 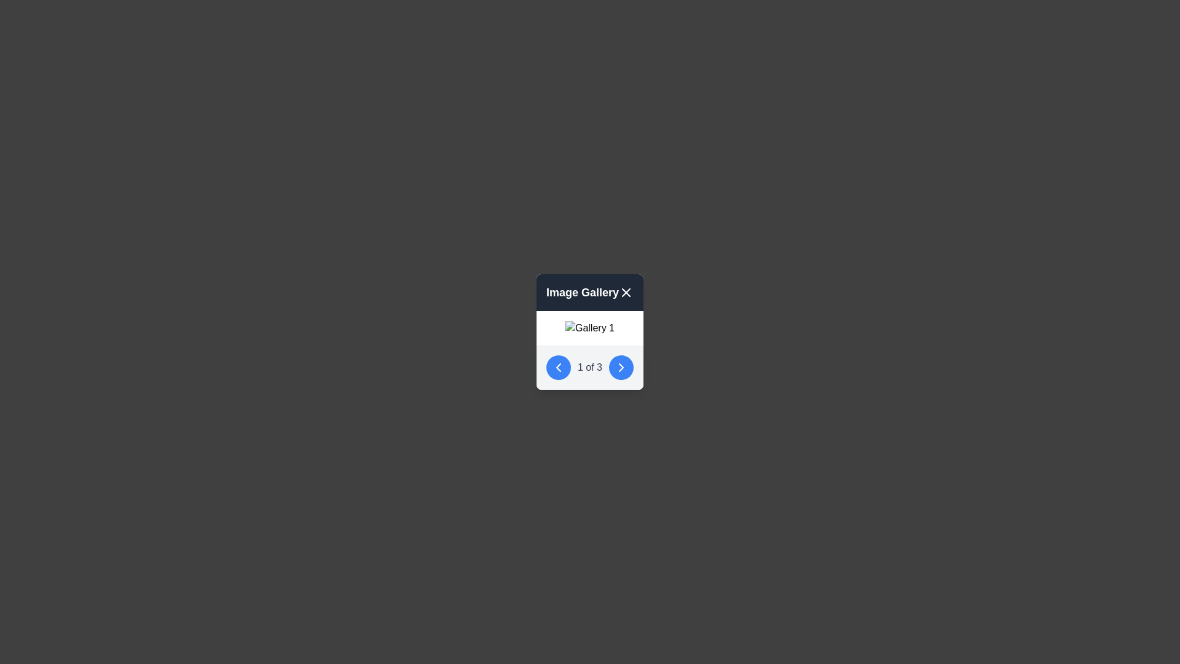 What do you see at coordinates (590, 327) in the screenshot?
I see `the image gallery controls represented by the image with placeholder text 'Gallery 1' to change this image` at bounding box center [590, 327].